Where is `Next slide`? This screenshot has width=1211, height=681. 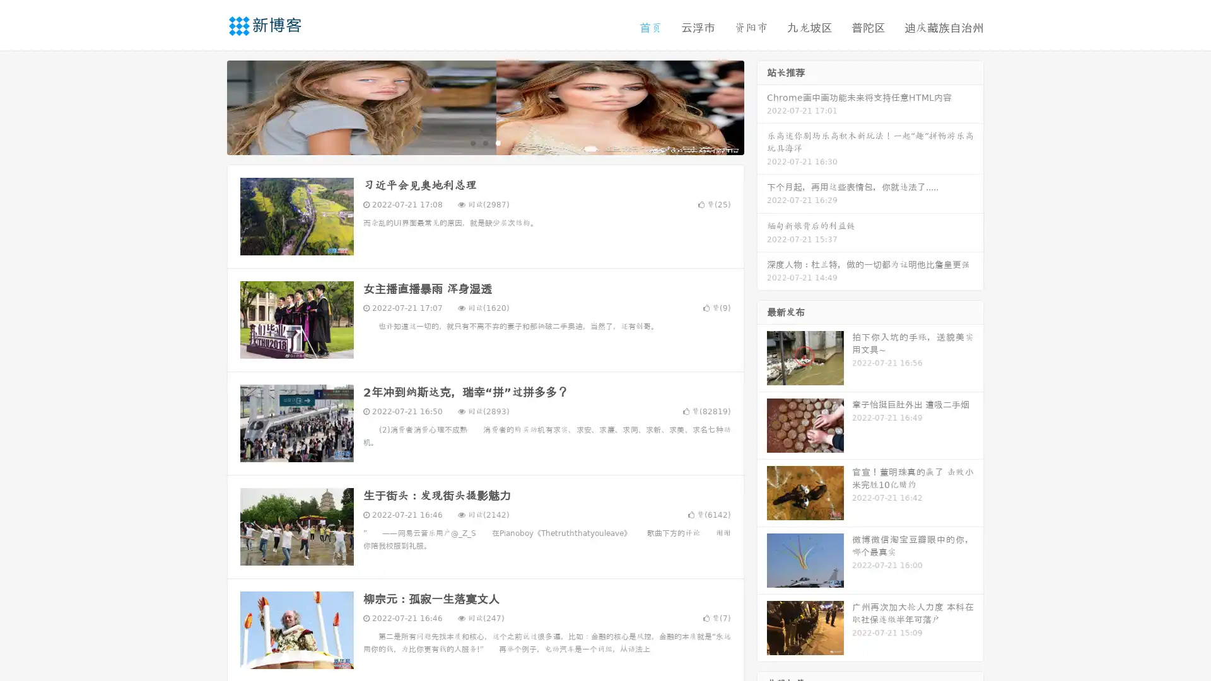
Next slide is located at coordinates (762, 106).